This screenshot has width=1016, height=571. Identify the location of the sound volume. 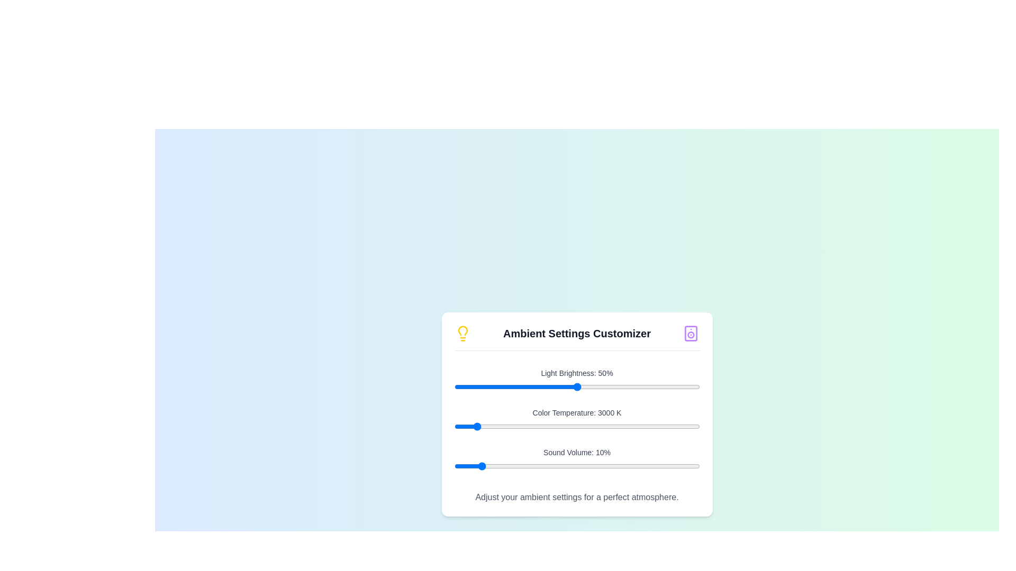
(483, 466).